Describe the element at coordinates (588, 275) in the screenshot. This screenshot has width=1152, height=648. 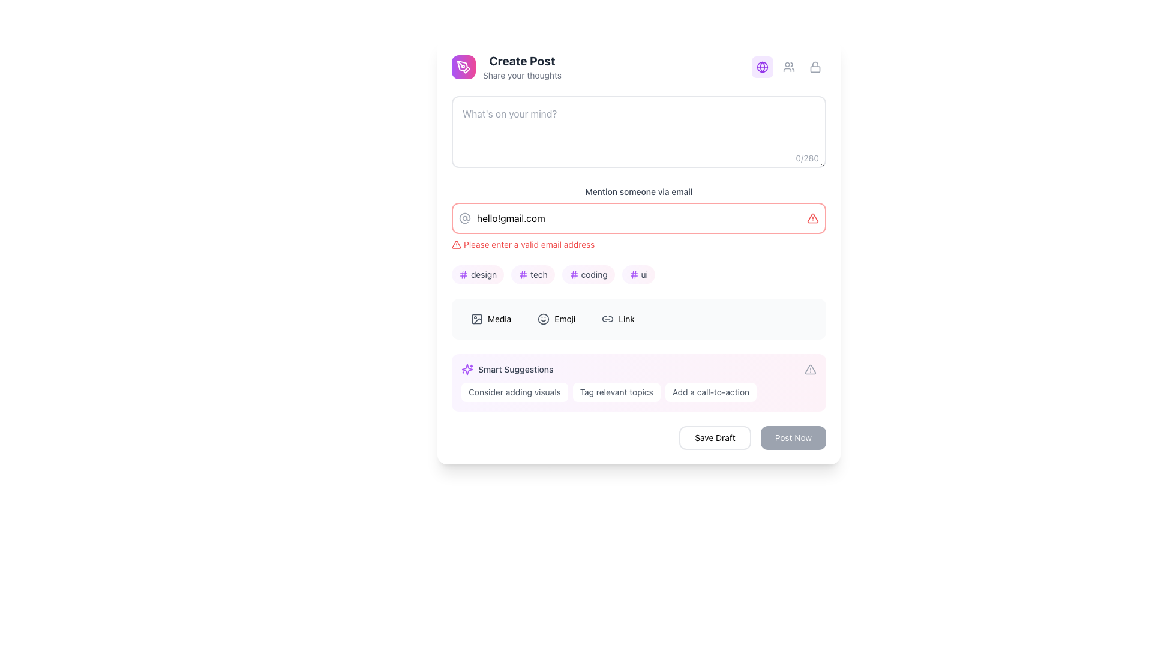
I see `the rounded capsule-shaped button labeled 'coding'` at that location.